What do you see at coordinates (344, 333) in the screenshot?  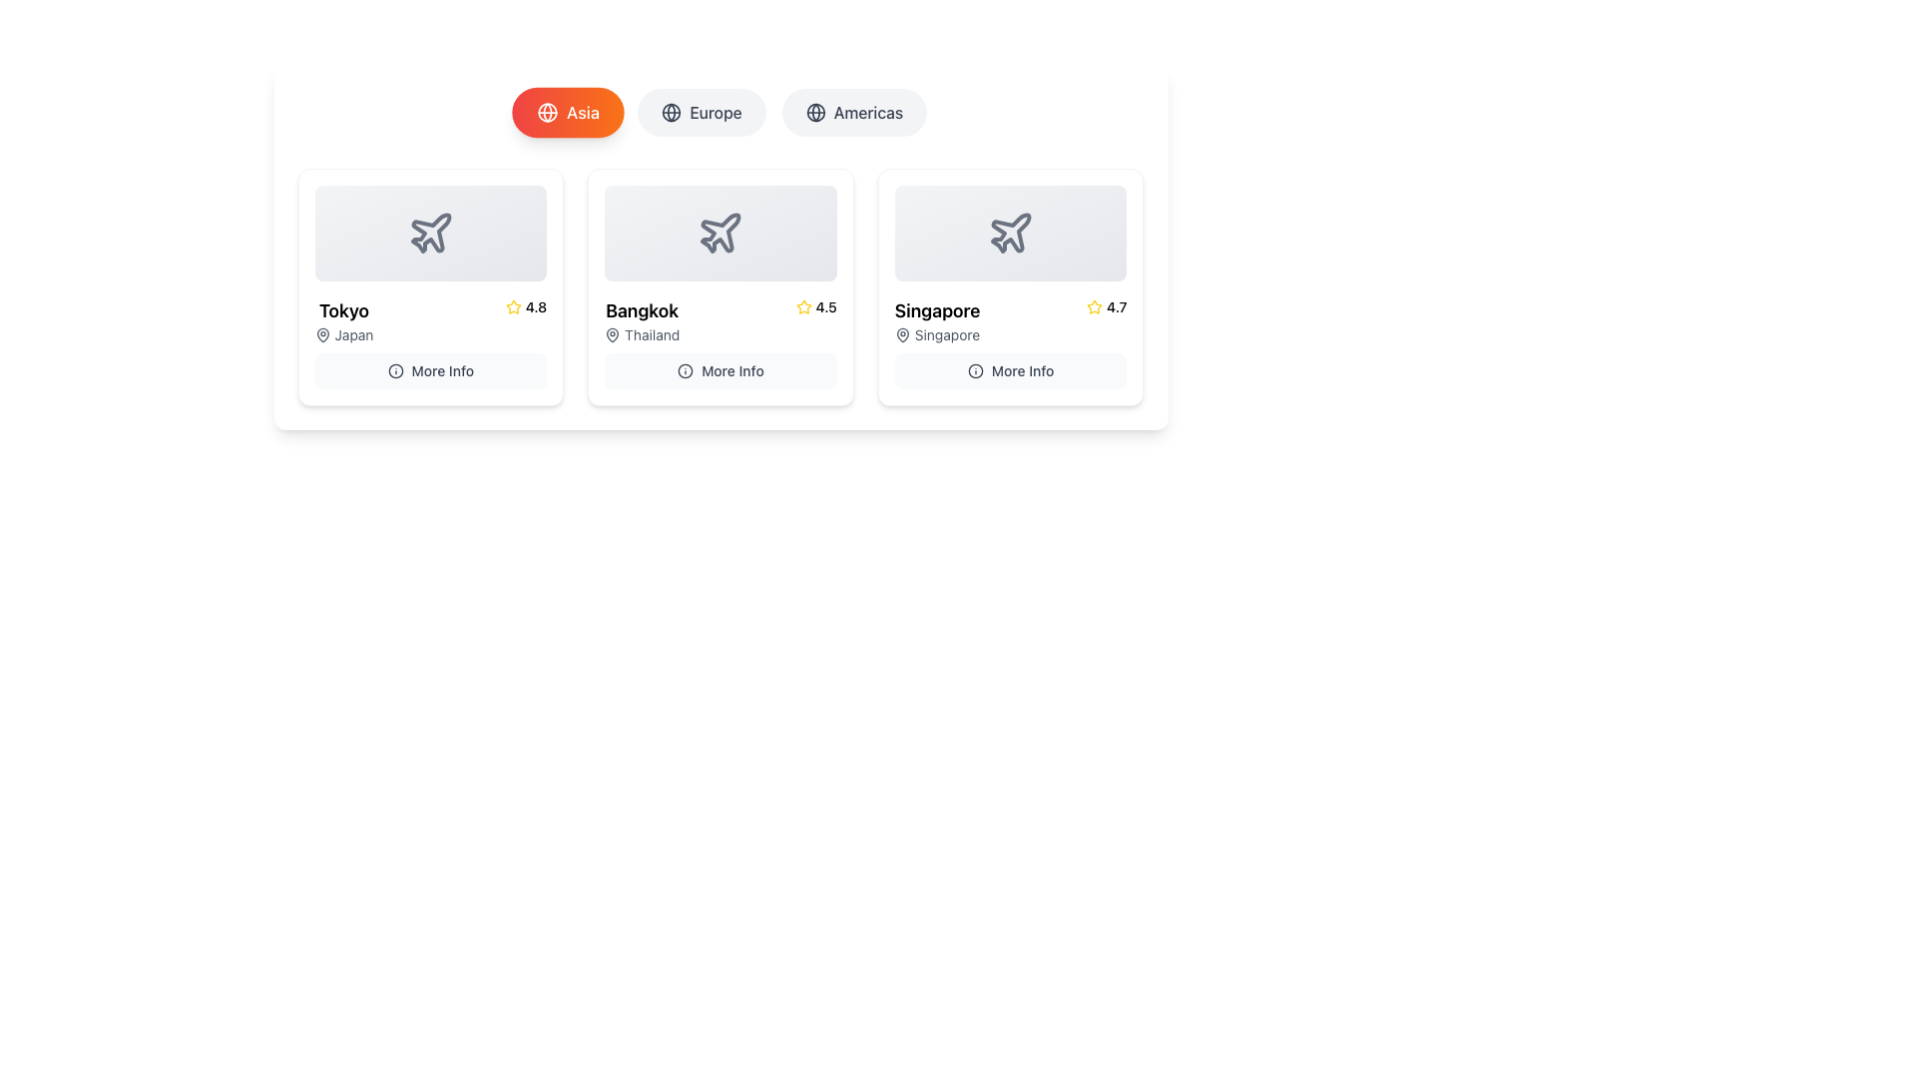 I see `the stylized label displaying 'Japan' with a map pin icon, located below the title 'Tokyo' in the travel destination card layout` at bounding box center [344, 333].